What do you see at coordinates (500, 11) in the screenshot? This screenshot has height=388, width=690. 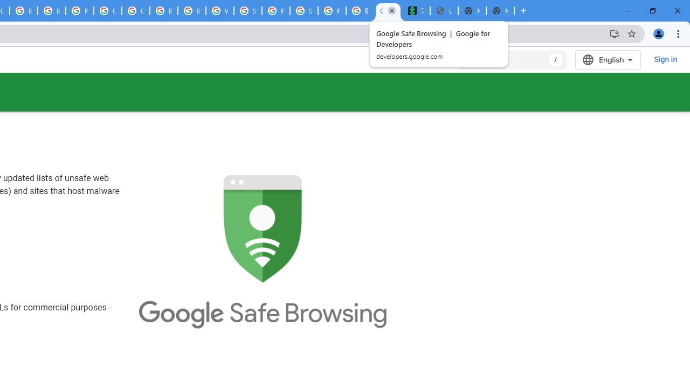 I see `'New Tab'` at bounding box center [500, 11].